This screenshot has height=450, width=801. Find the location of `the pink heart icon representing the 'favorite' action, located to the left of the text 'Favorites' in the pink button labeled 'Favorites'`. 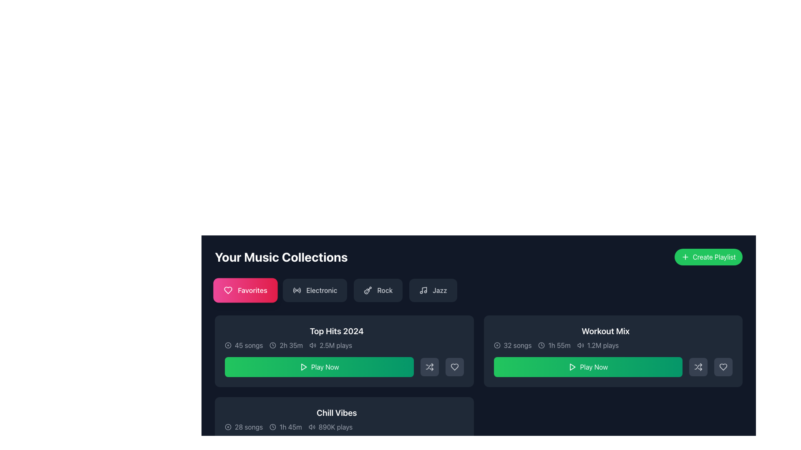

the pink heart icon representing the 'favorite' action, located to the left of the text 'Favorites' in the pink button labeled 'Favorites' is located at coordinates (228, 290).